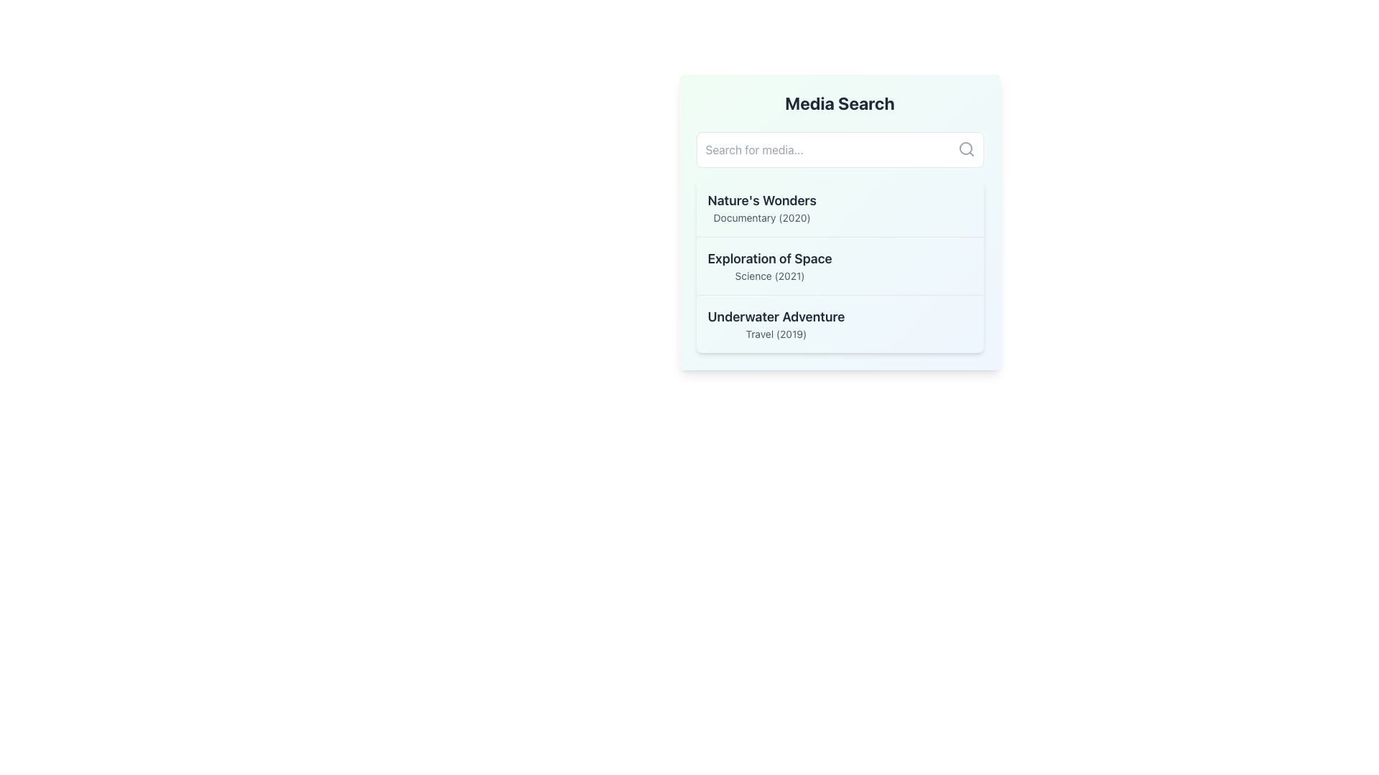 Image resolution: width=1379 pixels, height=775 pixels. Describe the element at coordinates (761, 207) in the screenshot. I see `the text block displaying the documentary titled 'Nature's Wonders', which is the first item in the 'Media Search' panel` at that location.